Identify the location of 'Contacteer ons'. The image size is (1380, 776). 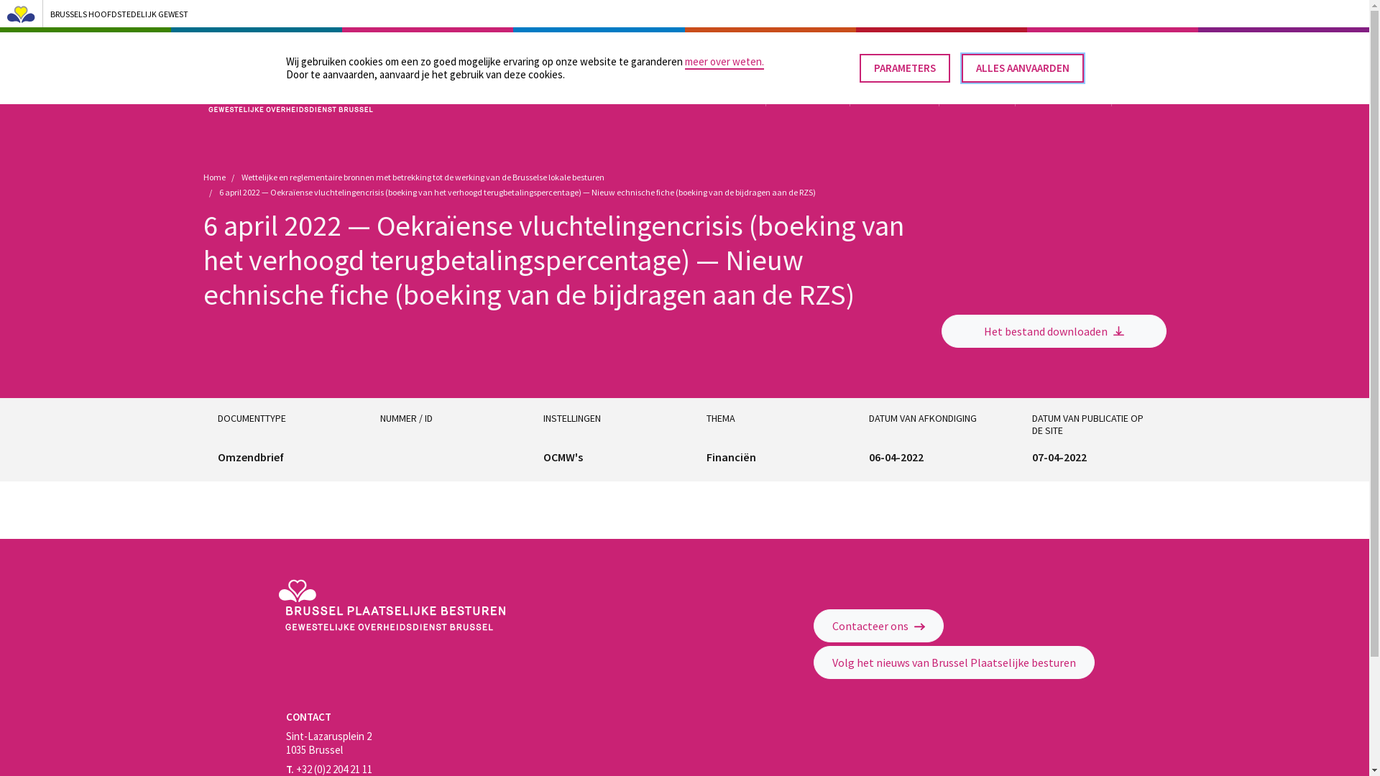
(878, 625).